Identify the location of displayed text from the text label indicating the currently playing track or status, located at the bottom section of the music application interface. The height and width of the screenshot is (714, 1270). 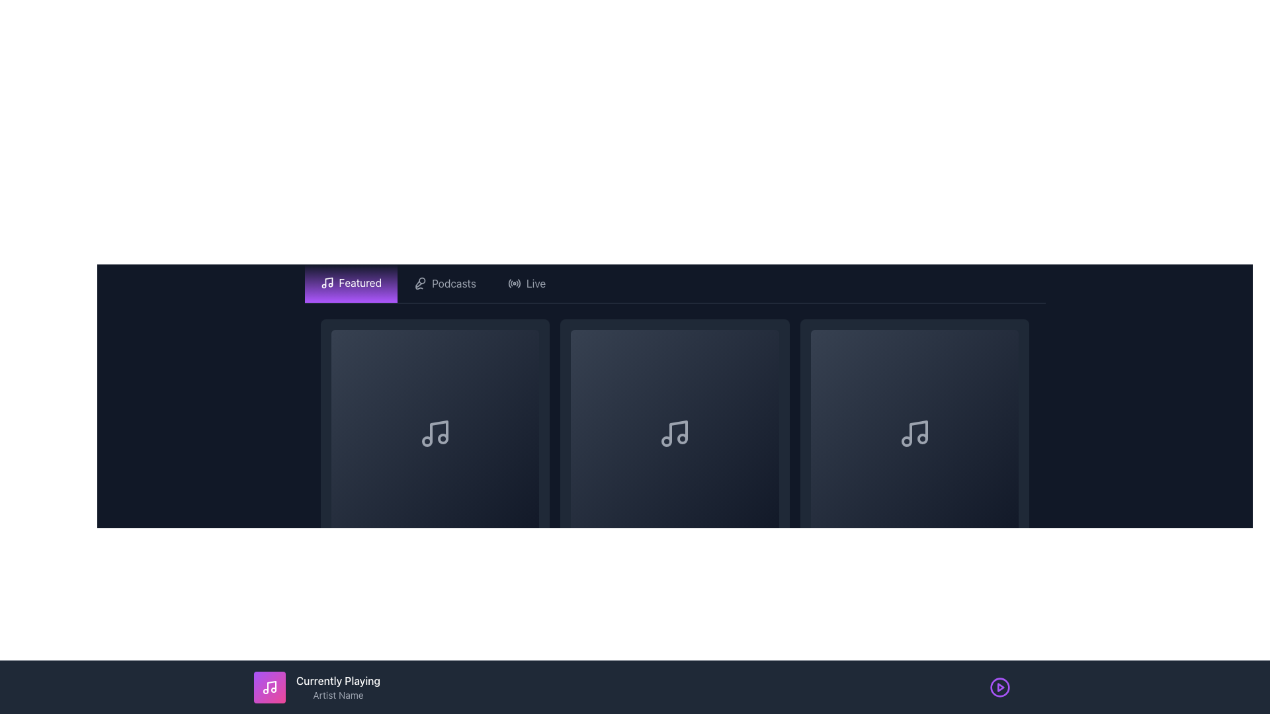
(338, 680).